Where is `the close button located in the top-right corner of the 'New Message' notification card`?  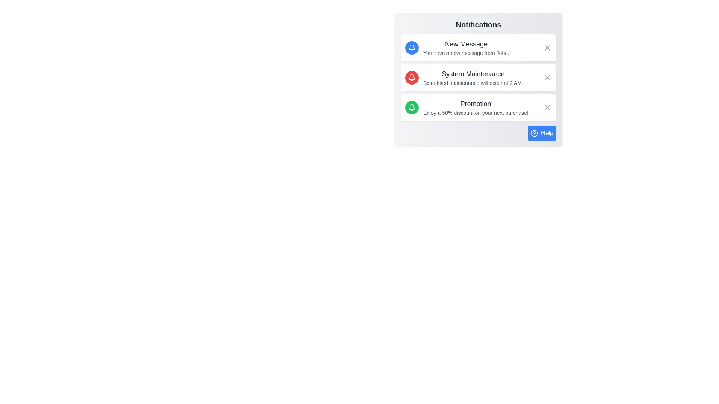
the close button located in the top-right corner of the 'New Message' notification card is located at coordinates (547, 48).